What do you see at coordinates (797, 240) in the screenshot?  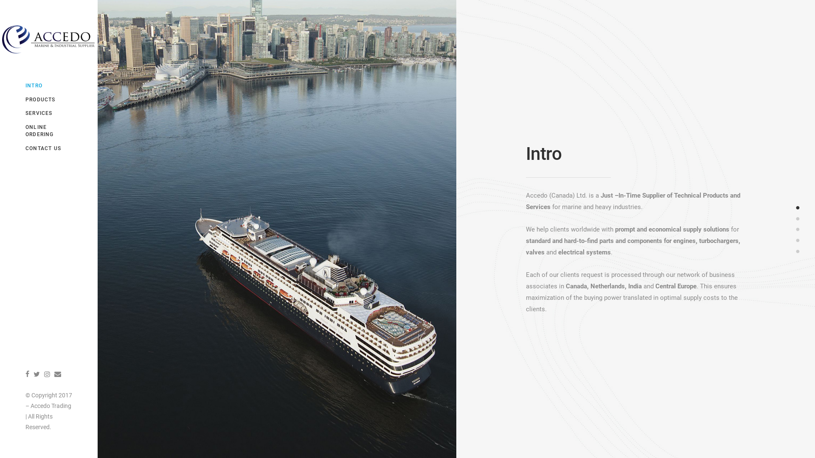 I see `'4'` at bounding box center [797, 240].